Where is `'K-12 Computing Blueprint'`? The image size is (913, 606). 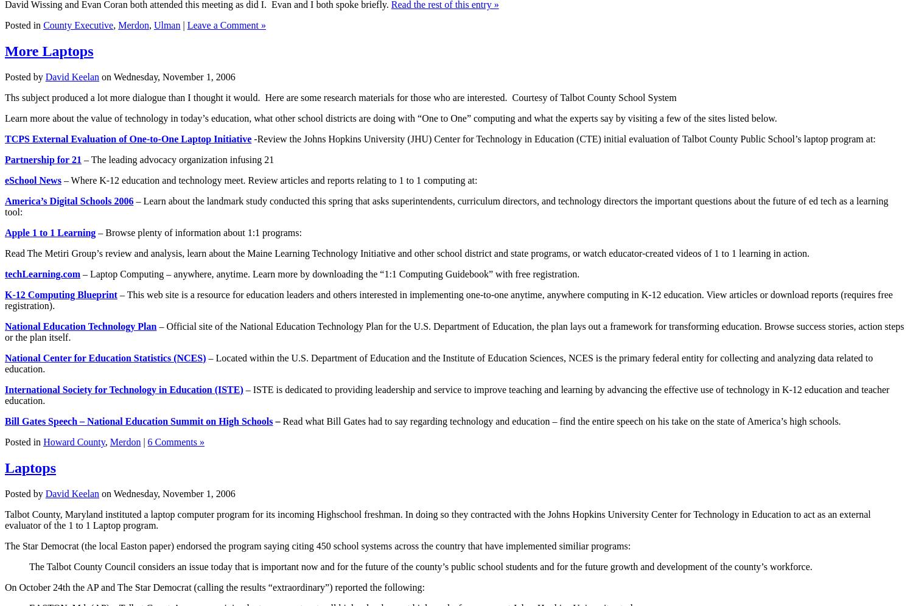
'K-12 Computing Blueprint' is located at coordinates (60, 294).